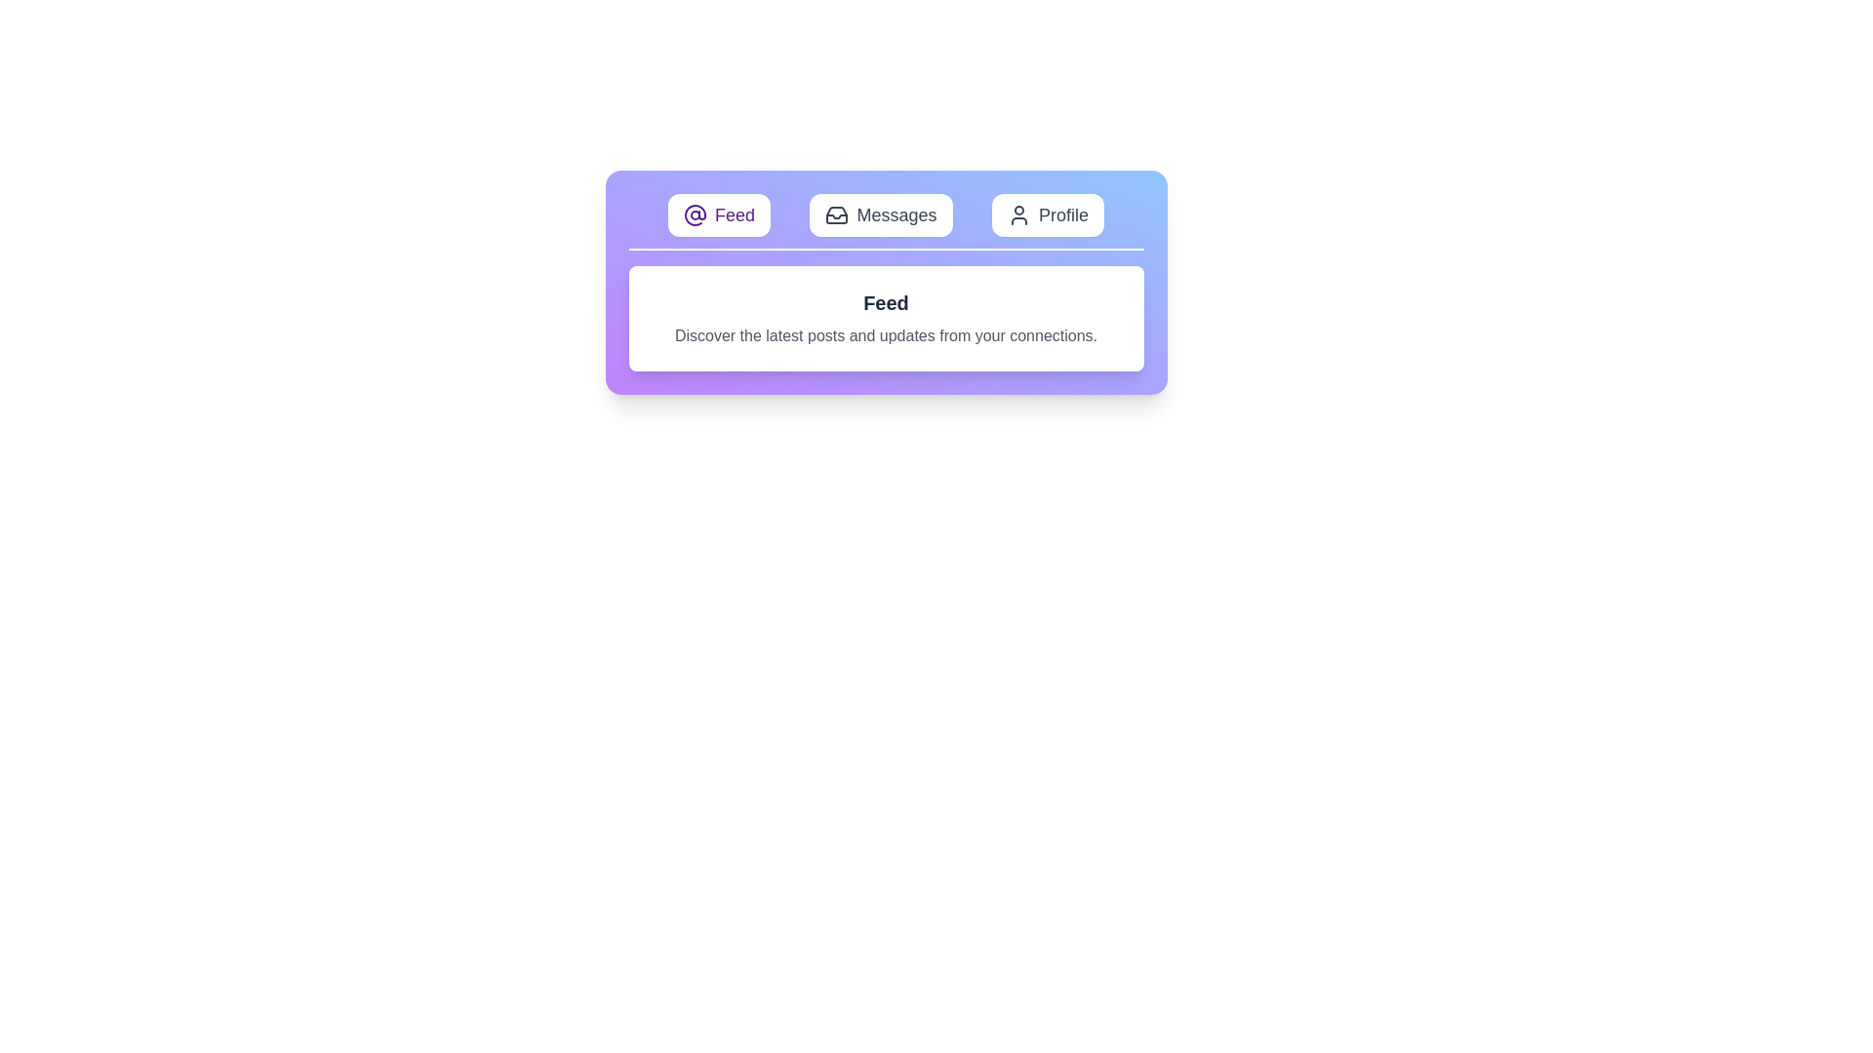  Describe the element at coordinates (1047, 214) in the screenshot. I see `the Profile tab` at that location.